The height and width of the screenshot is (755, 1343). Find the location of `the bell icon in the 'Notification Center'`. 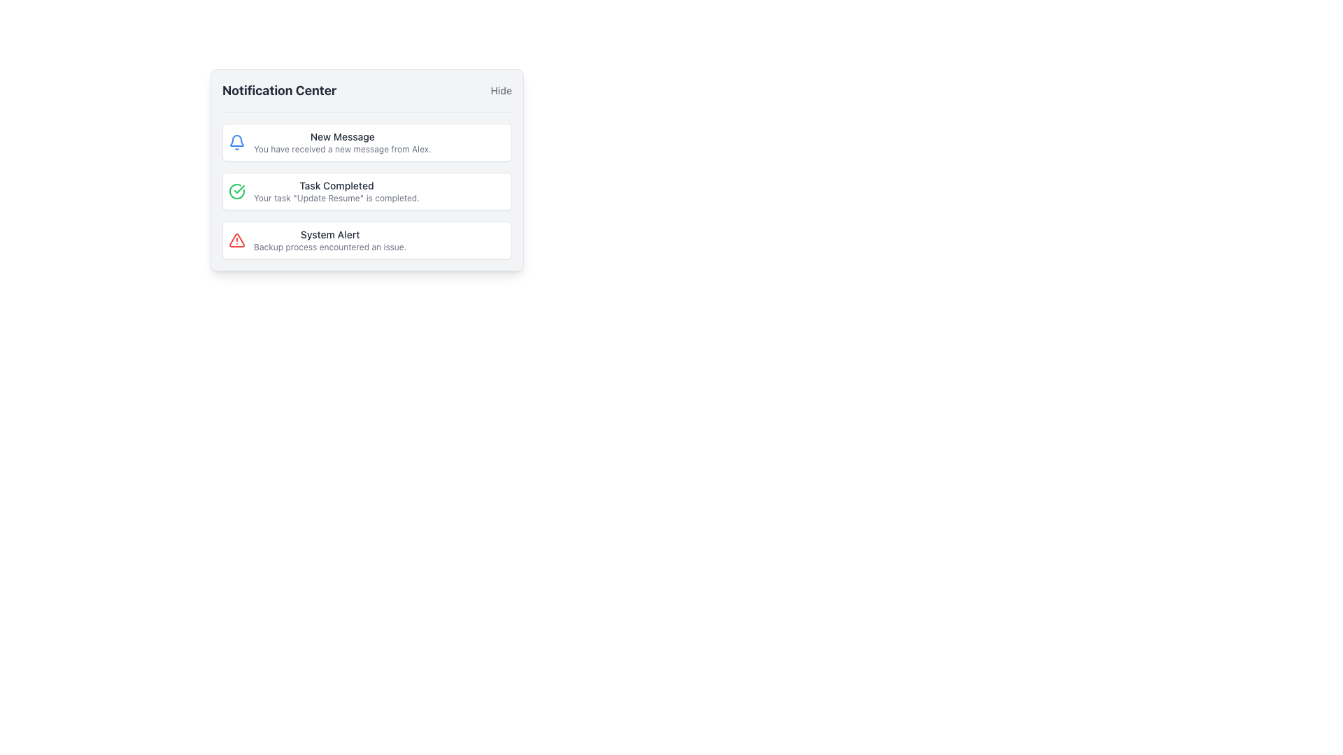

the bell icon in the 'Notification Center' is located at coordinates (237, 143).